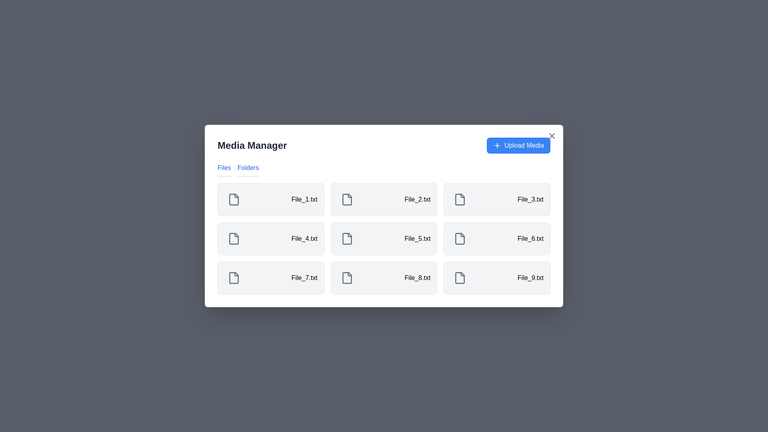 The width and height of the screenshot is (768, 432). Describe the element at coordinates (224, 169) in the screenshot. I see `the 'Files' tab in the navigation area to trigger potential styling effects` at that location.